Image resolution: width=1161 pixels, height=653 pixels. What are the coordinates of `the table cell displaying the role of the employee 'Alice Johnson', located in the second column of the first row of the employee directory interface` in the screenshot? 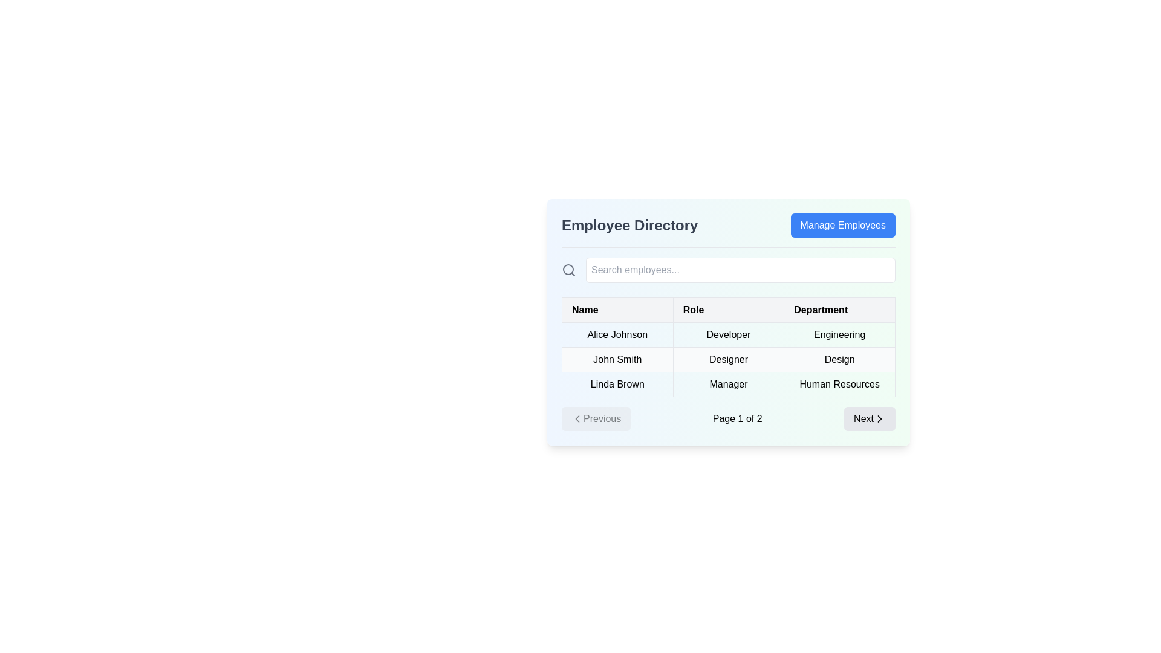 It's located at (727, 340).